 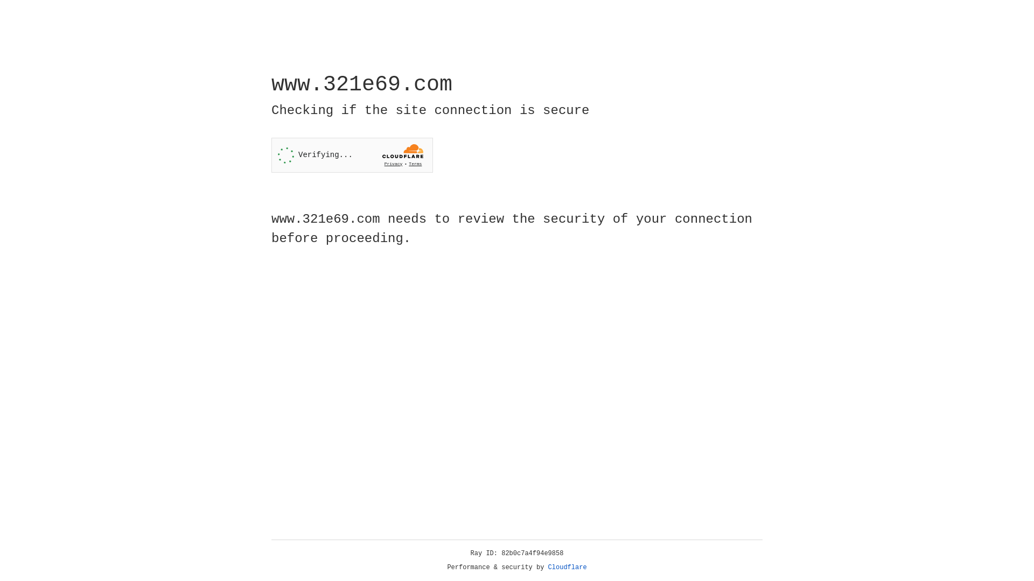 What do you see at coordinates (567, 567) in the screenshot?
I see `'Cloudflare'` at bounding box center [567, 567].